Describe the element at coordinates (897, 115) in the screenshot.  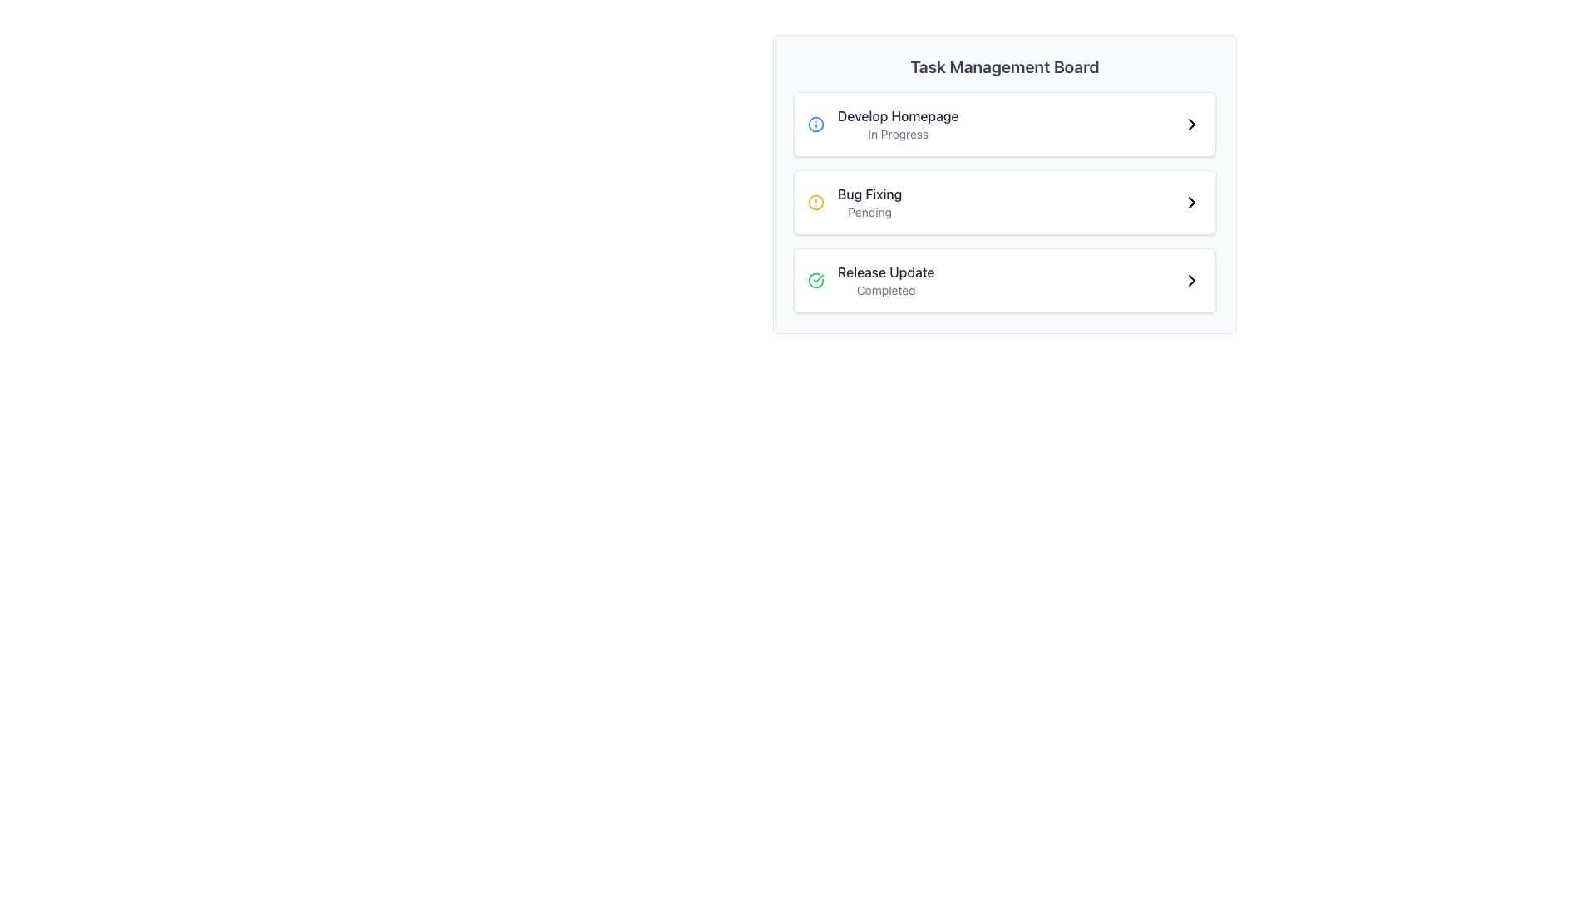
I see `the descriptive label for the first task in the task management interface located above 'In Progress'` at that location.